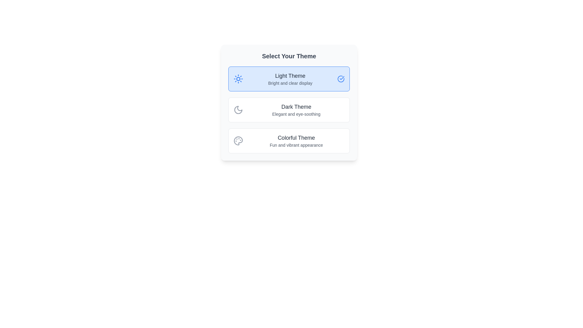 The image size is (583, 328). I want to click on the text label displaying 'Dark Theme' which is prominently positioned in the middle of the 'Select Your Theme' panel, serving as the title for the second theme option, so click(296, 106).